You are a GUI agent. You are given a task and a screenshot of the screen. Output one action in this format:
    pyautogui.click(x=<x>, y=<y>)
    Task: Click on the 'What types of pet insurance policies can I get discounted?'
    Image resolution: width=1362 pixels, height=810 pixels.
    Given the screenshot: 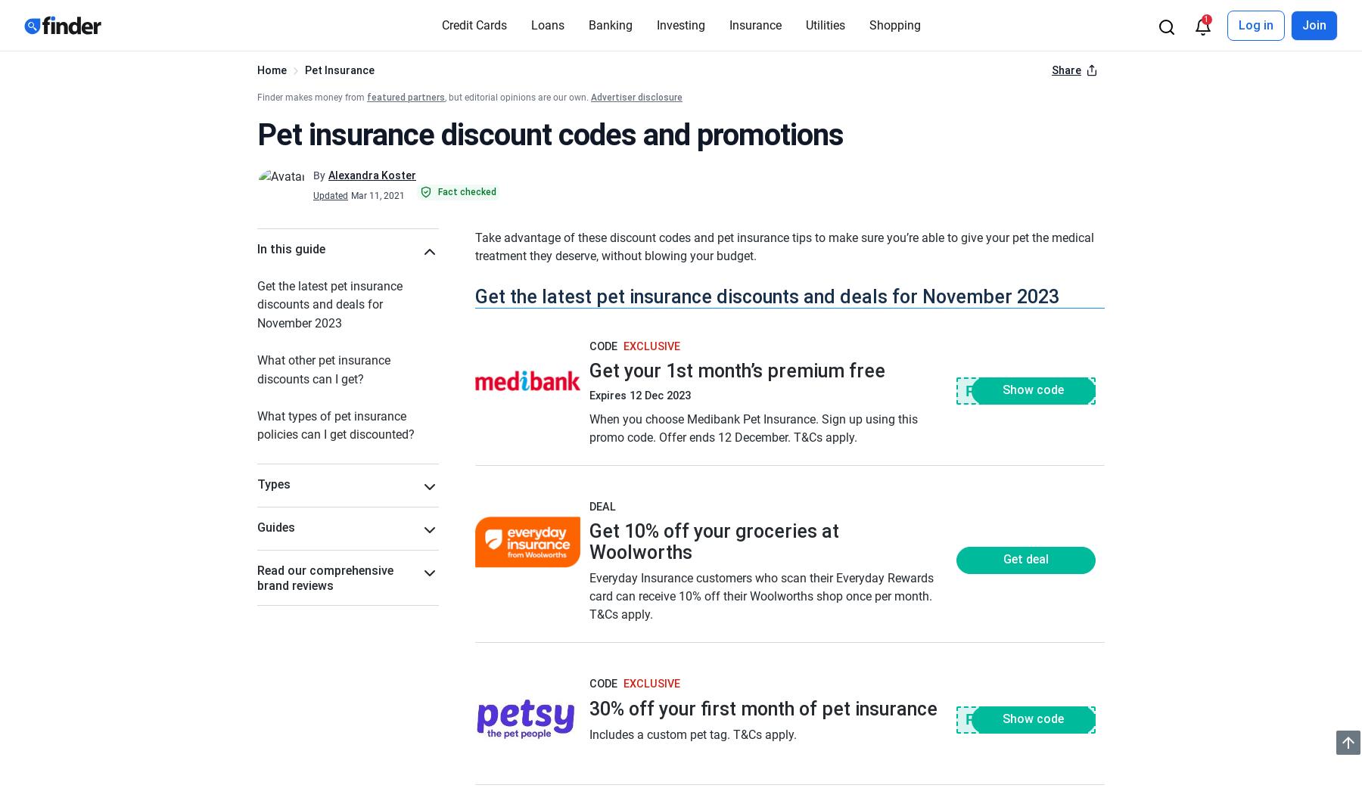 What is the action you would take?
    pyautogui.click(x=336, y=424)
    